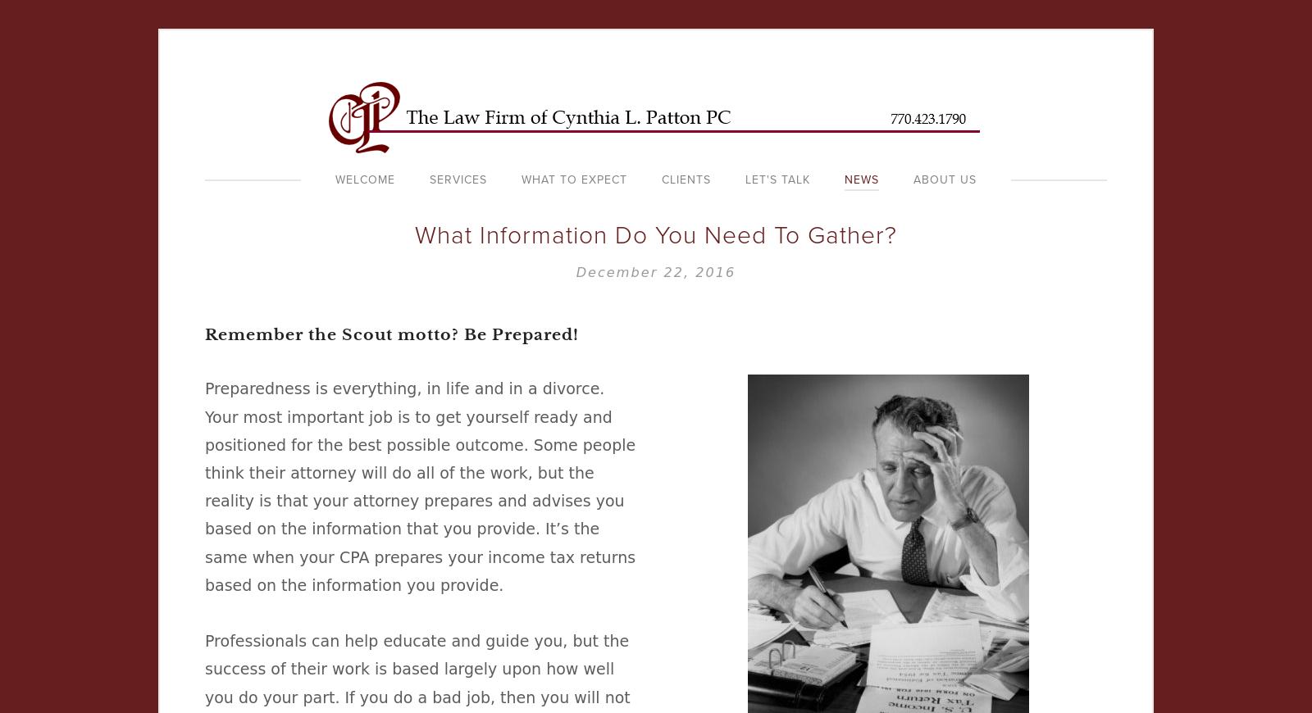 The width and height of the screenshot is (1312, 713). I want to click on 'Welcome', so click(364, 179).